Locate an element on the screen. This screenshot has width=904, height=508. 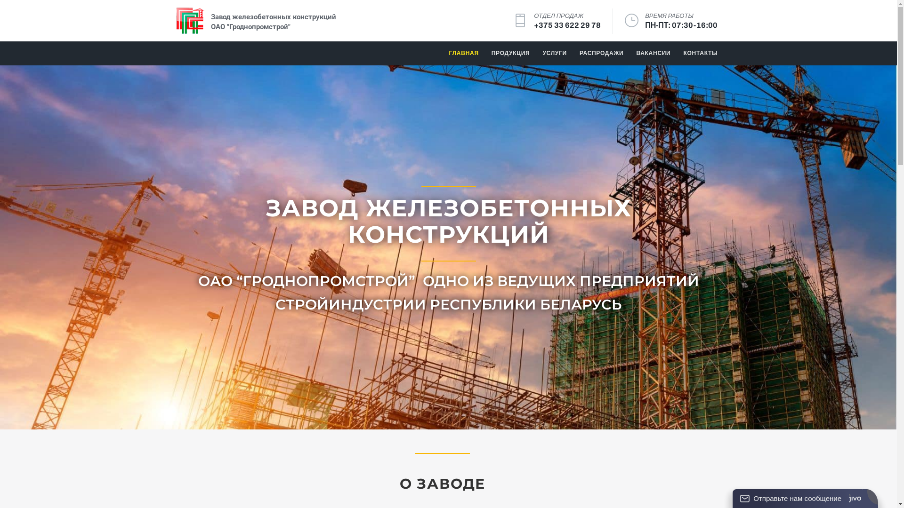
'+375 33 622 29 78' is located at coordinates (566, 25).